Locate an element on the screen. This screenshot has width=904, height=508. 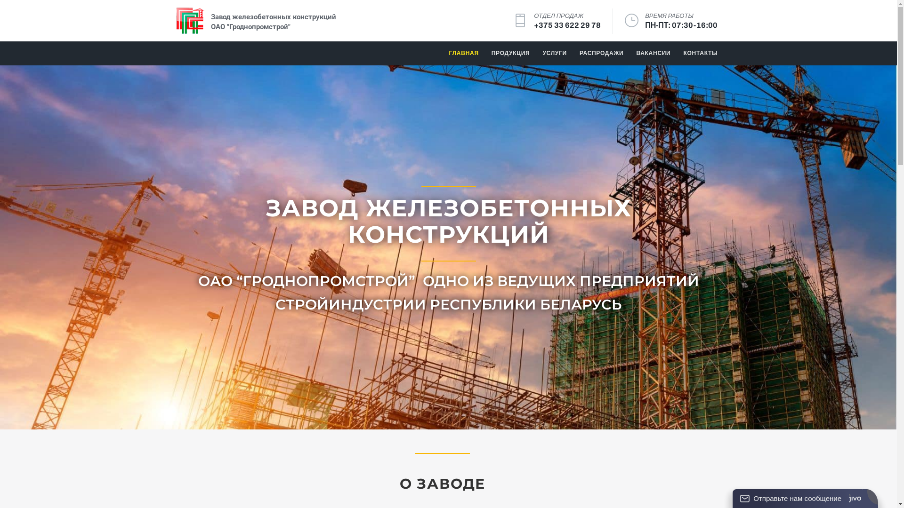
'+375 33 622 29 78' is located at coordinates (566, 25).